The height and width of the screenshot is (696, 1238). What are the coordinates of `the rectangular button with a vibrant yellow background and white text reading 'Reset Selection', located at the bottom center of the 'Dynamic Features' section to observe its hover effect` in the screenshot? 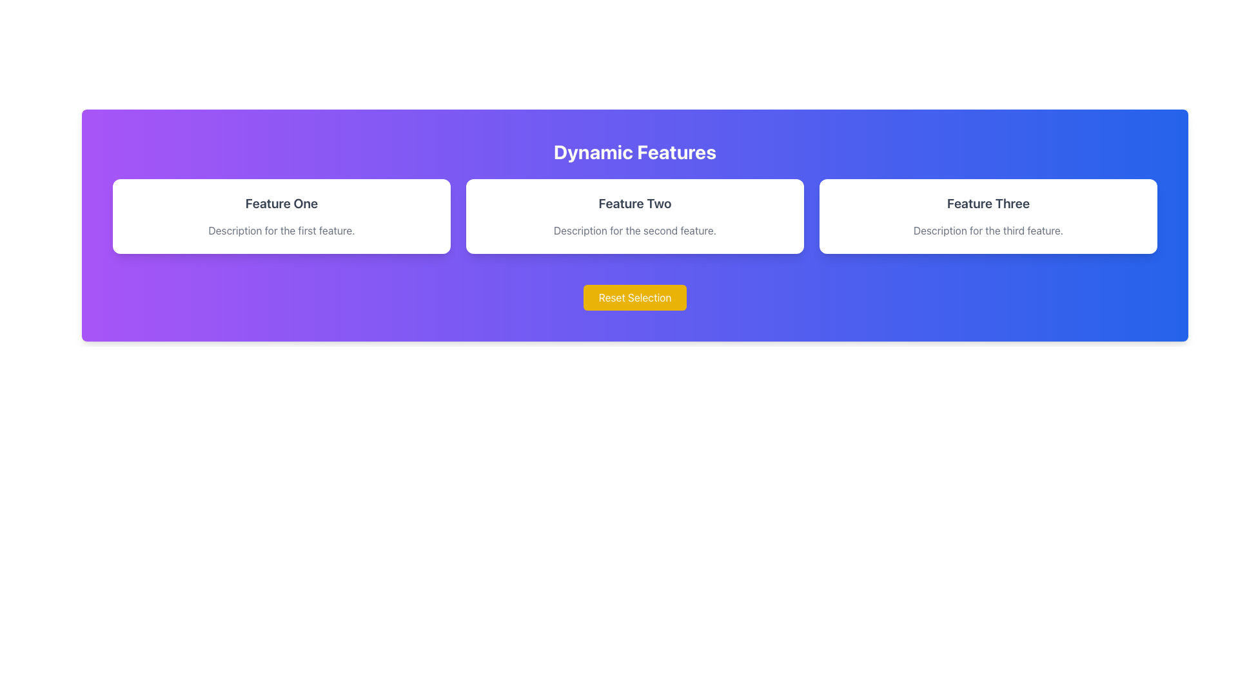 It's located at (634, 290).